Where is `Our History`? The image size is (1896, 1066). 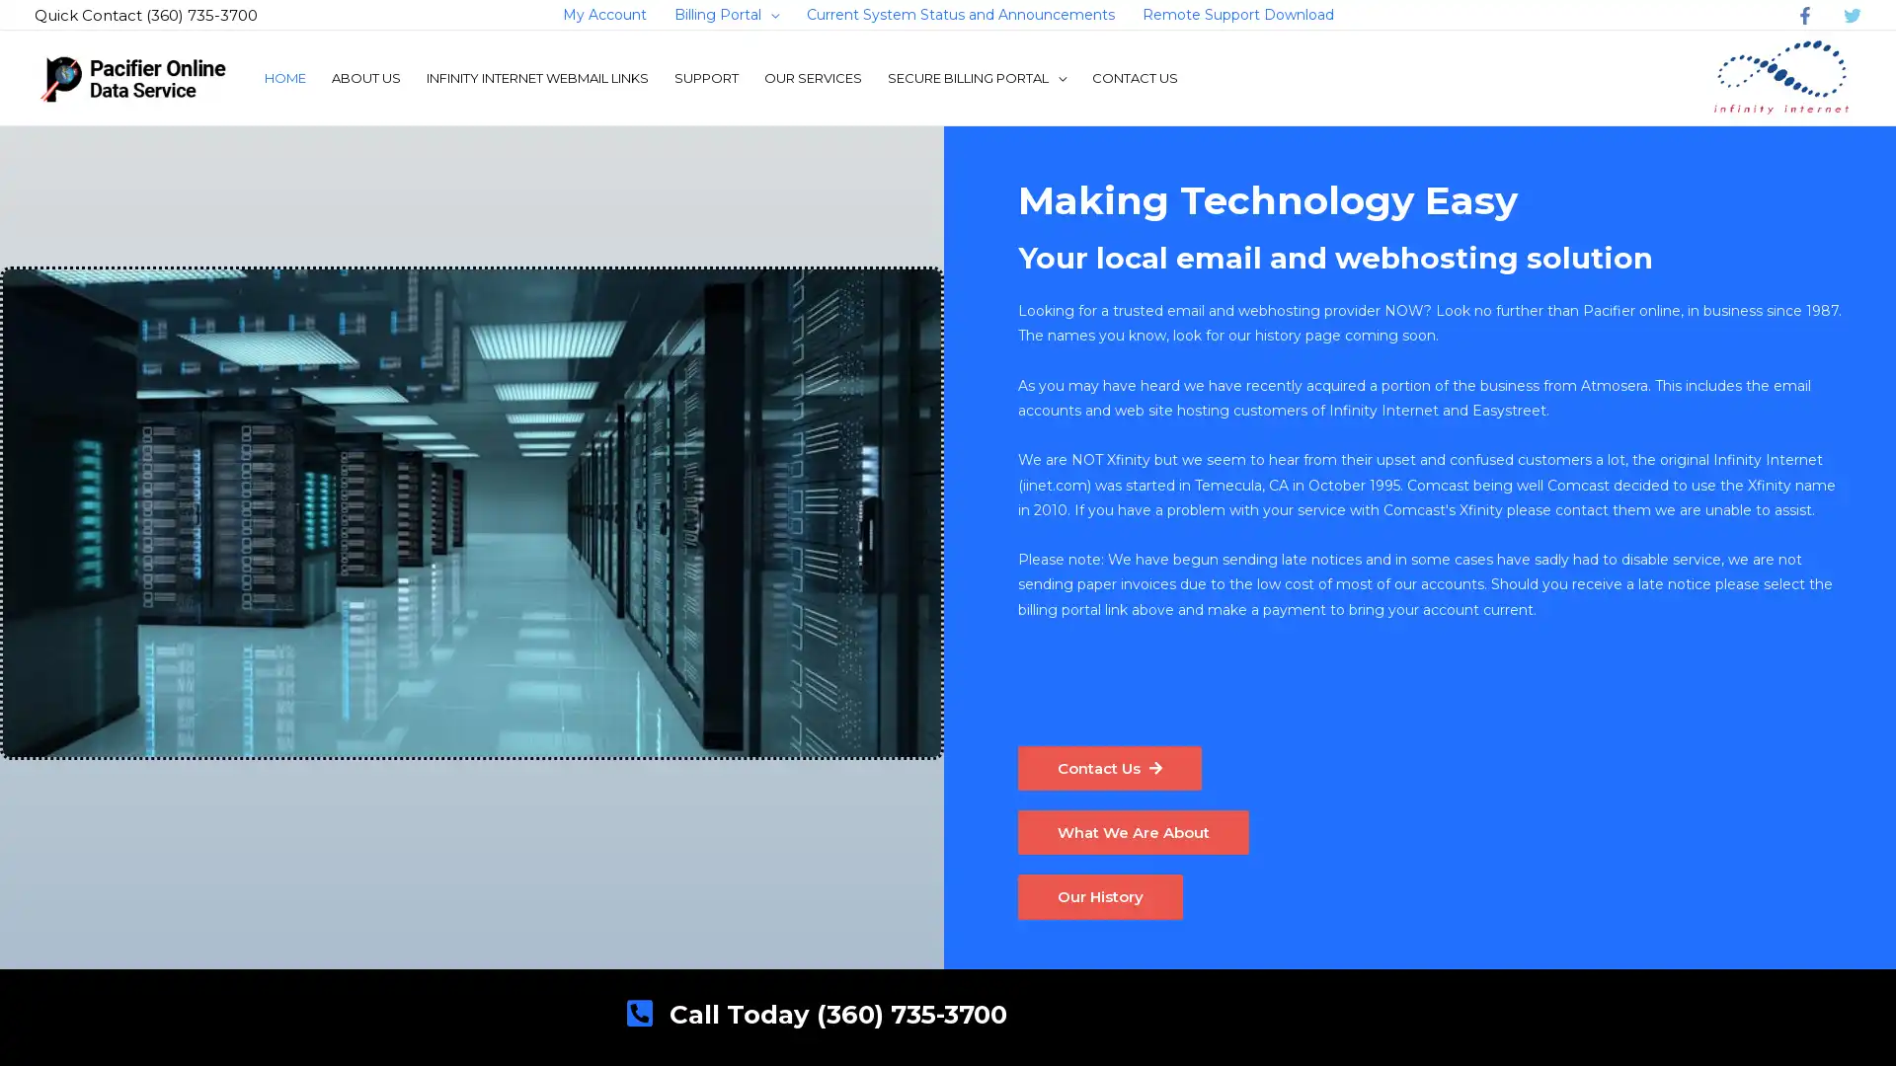
Our History is located at coordinates (1102, 899).